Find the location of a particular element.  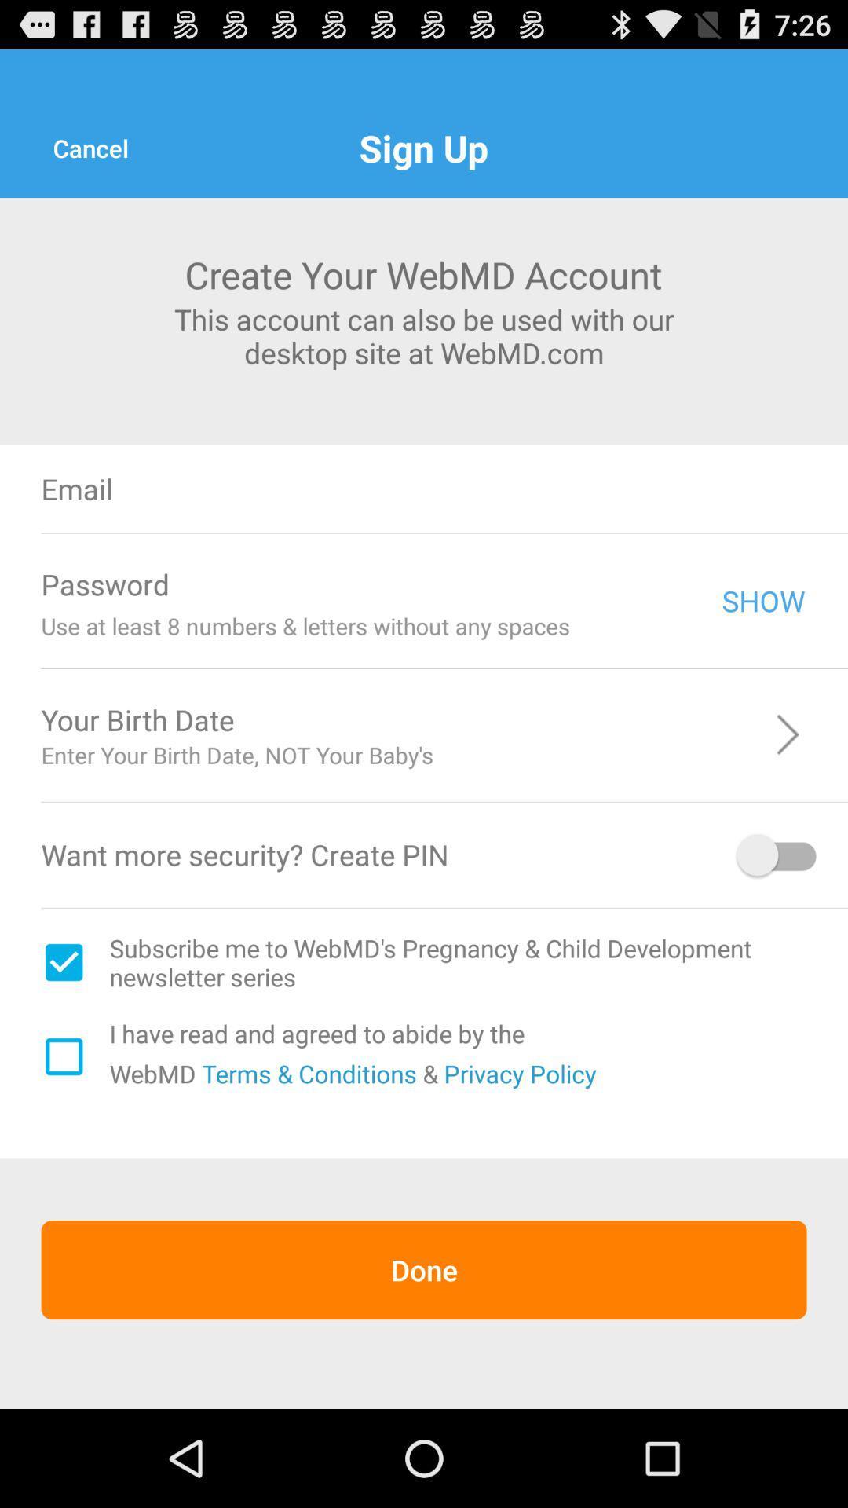

email box is located at coordinates (525, 488).